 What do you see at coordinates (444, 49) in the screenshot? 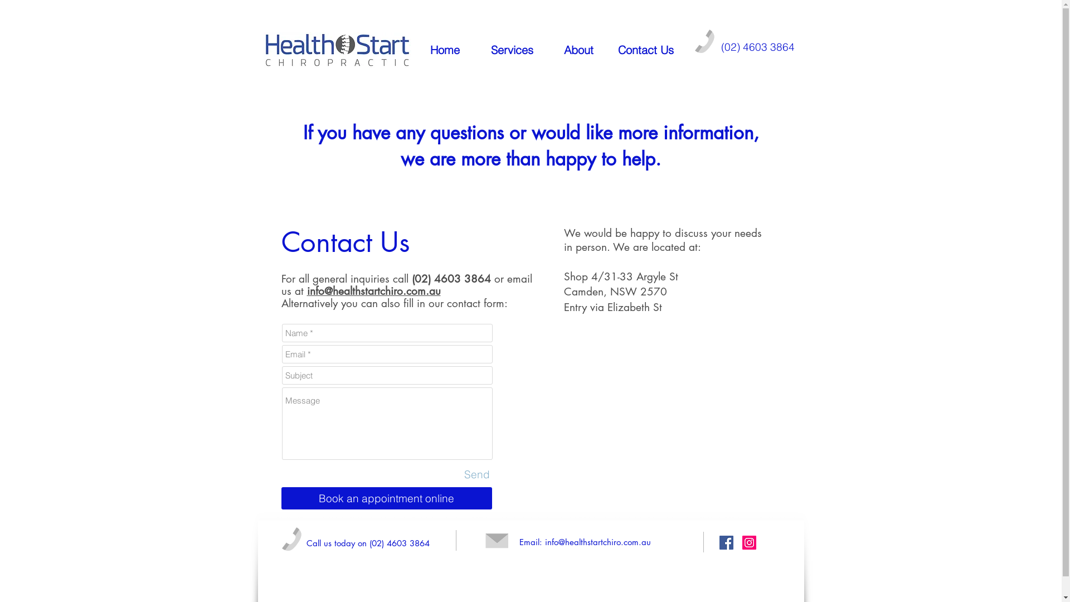
I see `'Home'` at bounding box center [444, 49].